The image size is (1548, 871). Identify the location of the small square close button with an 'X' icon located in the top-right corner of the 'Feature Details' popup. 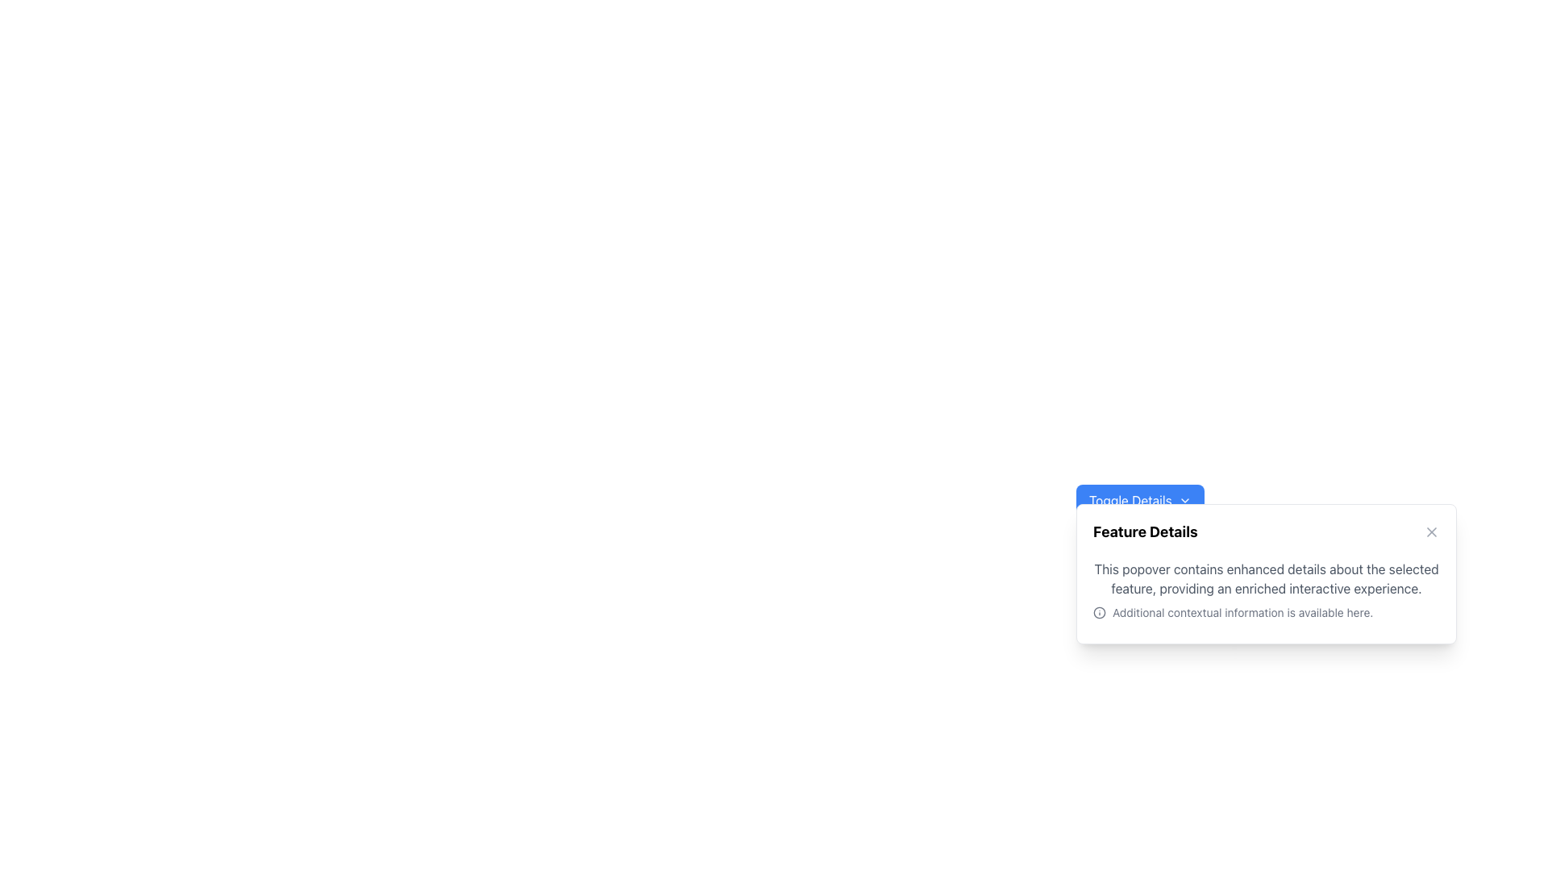
(1432, 531).